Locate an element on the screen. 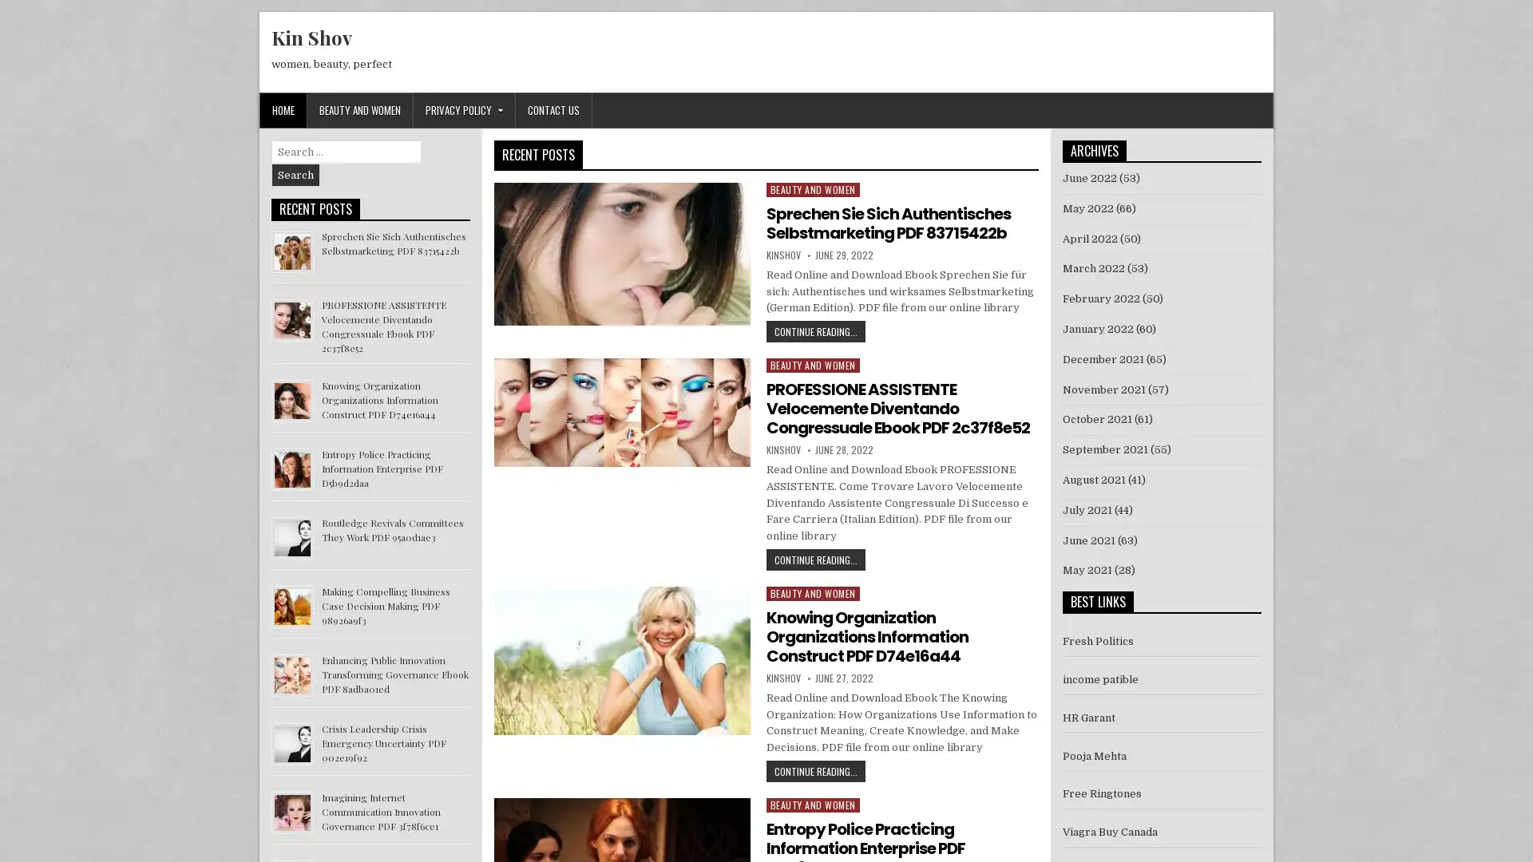 This screenshot has width=1533, height=862. Search is located at coordinates (295, 175).